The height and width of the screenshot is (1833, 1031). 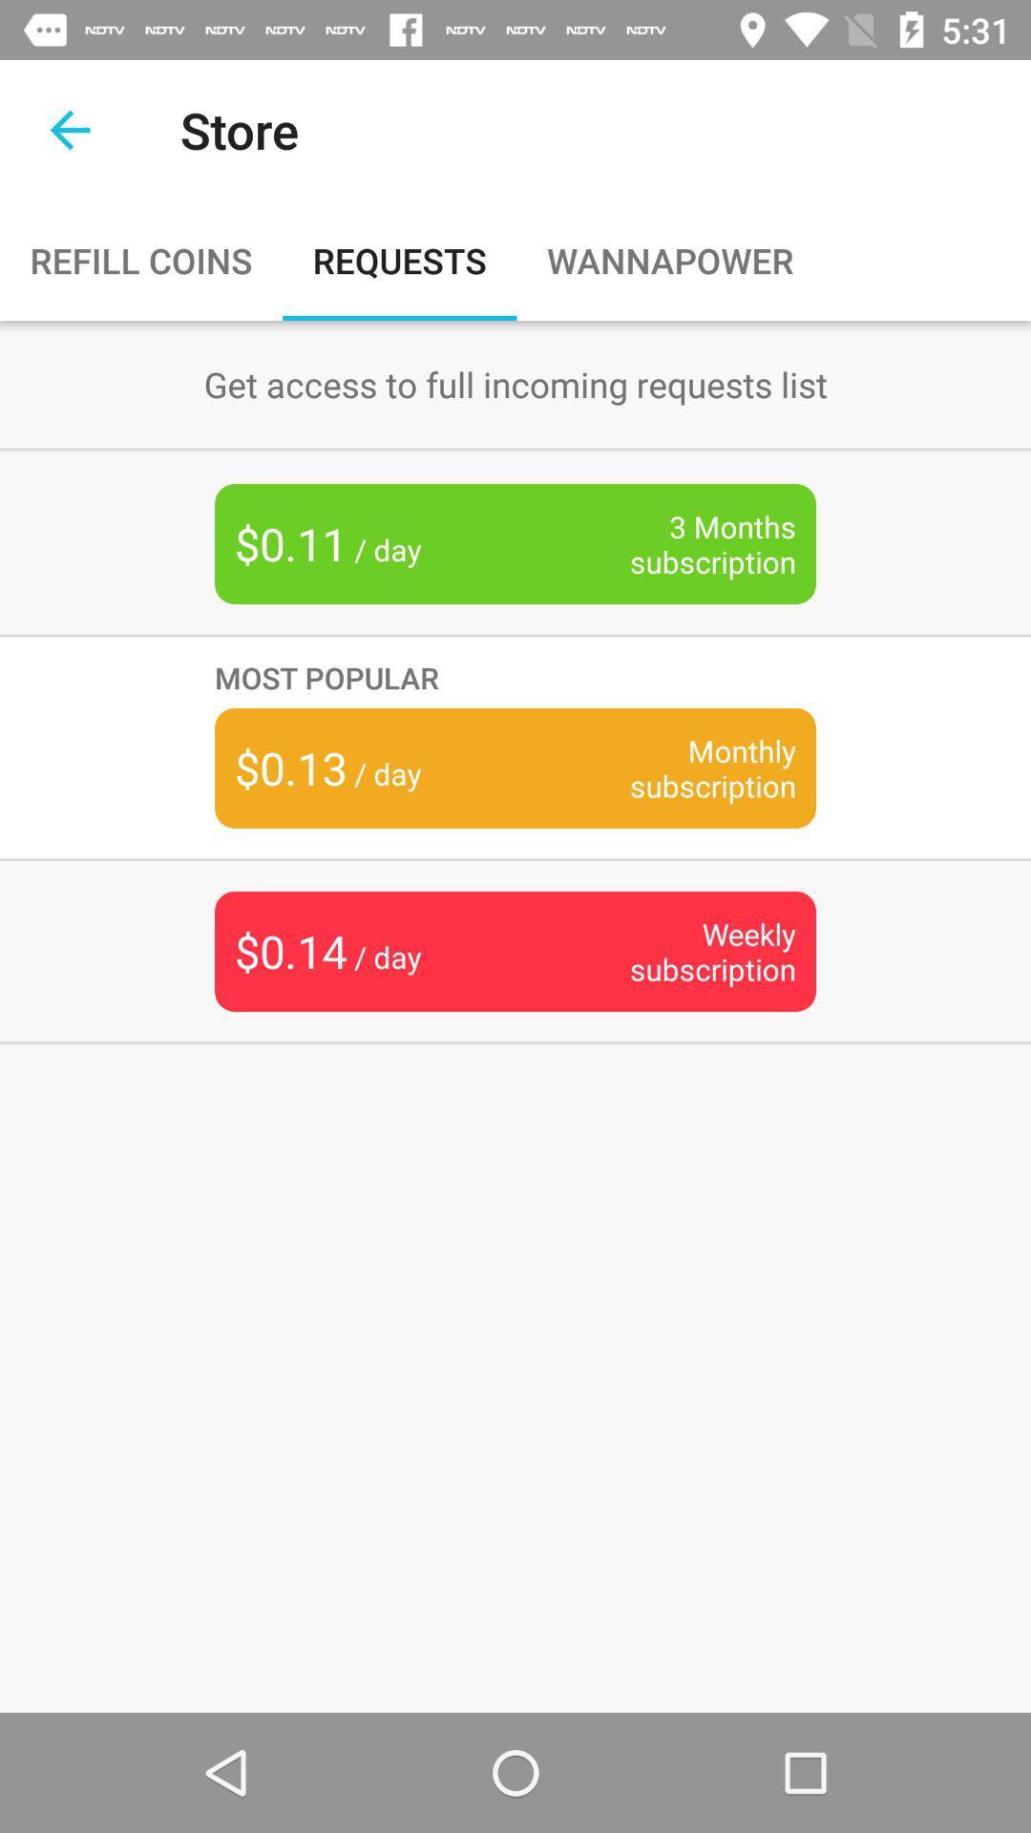 What do you see at coordinates (683, 543) in the screenshot?
I see `the 3 months subscription icon` at bounding box center [683, 543].